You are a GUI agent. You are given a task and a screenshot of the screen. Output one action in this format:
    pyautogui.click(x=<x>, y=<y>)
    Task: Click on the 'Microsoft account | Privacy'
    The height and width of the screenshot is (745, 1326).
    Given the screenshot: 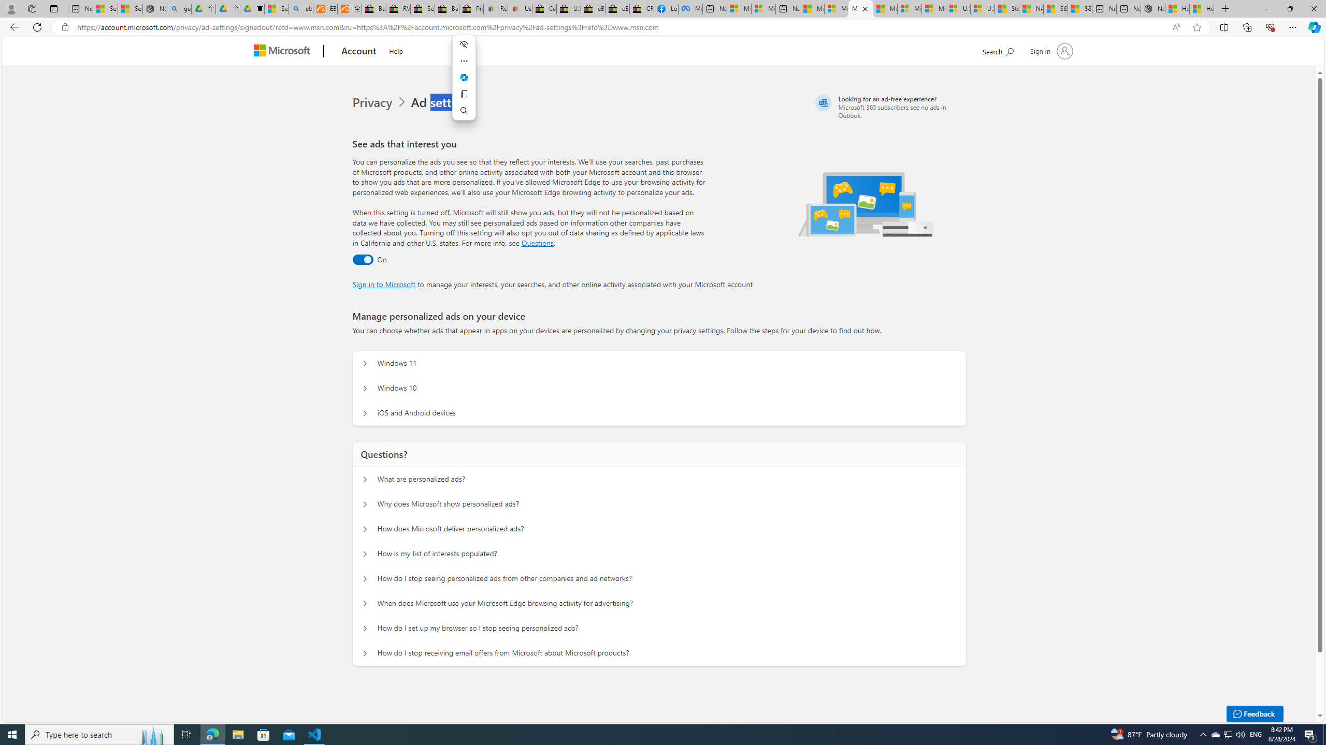 What is the action you would take?
    pyautogui.click(x=861, y=8)
    